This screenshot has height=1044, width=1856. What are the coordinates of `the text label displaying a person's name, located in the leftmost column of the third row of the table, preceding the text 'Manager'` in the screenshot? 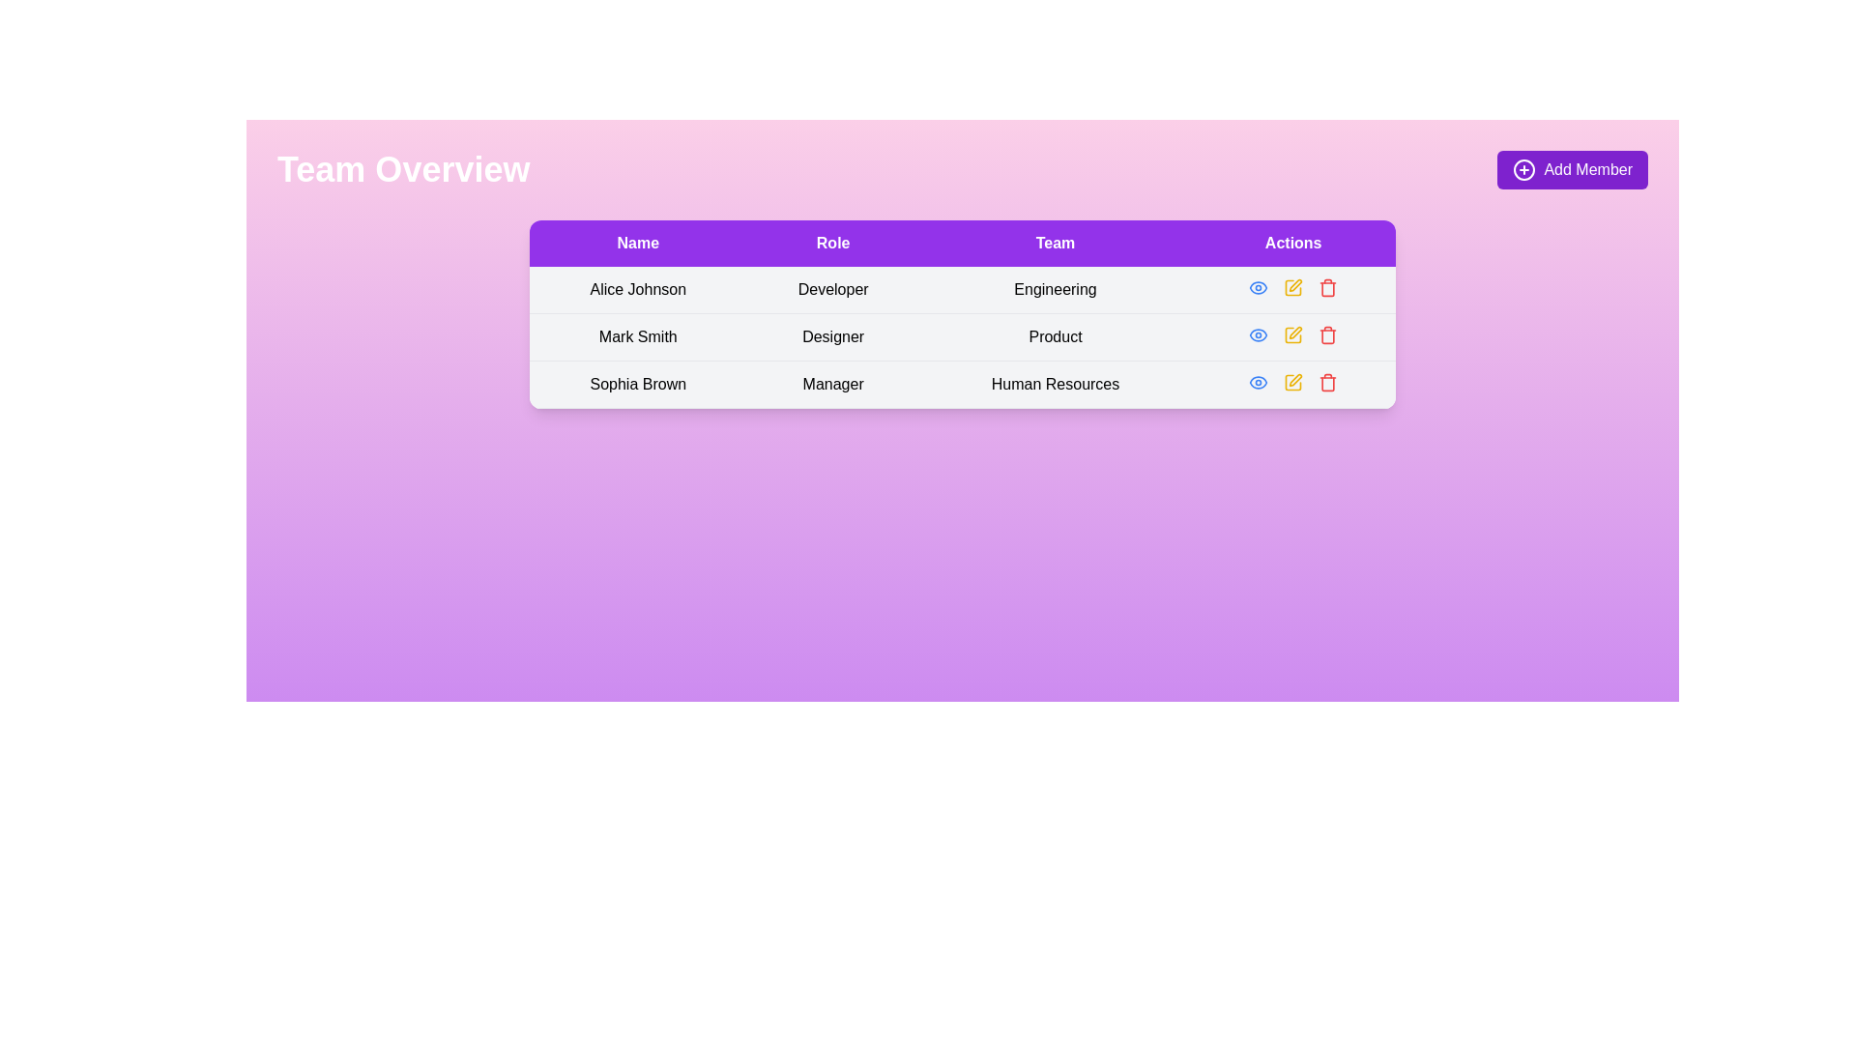 It's located at (638, 384).